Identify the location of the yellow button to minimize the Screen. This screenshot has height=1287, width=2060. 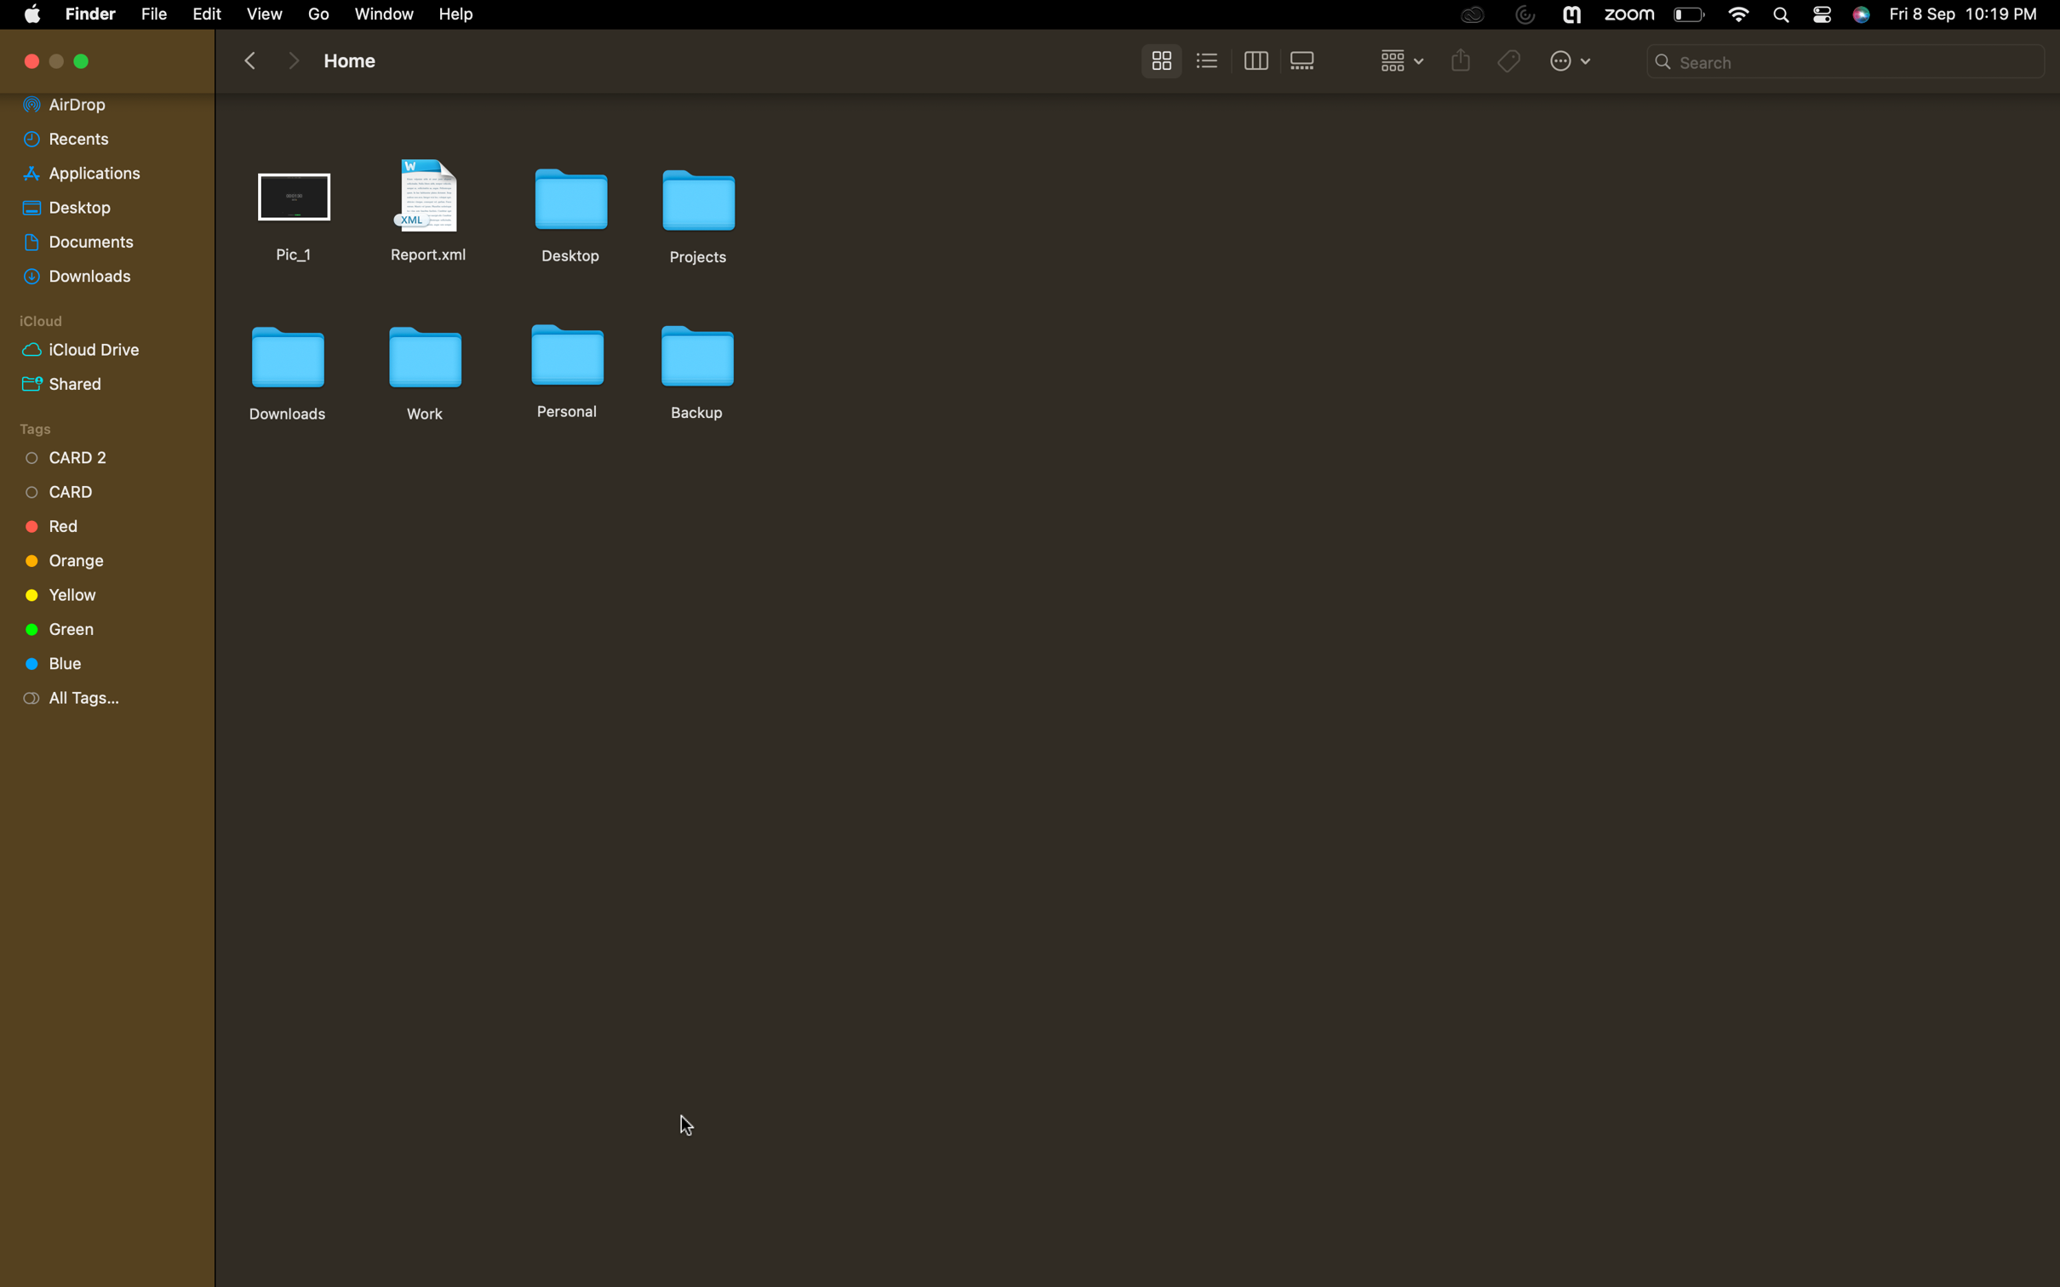
(83, 62).